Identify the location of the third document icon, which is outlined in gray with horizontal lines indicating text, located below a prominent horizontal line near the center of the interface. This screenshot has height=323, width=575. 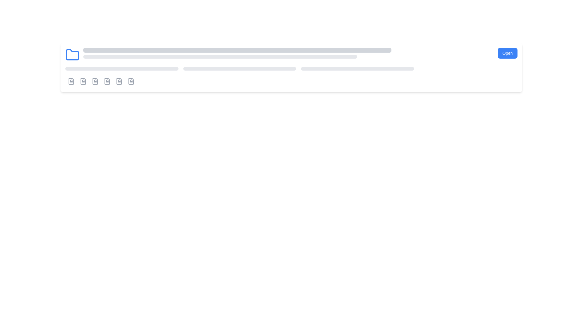
(95, 81).